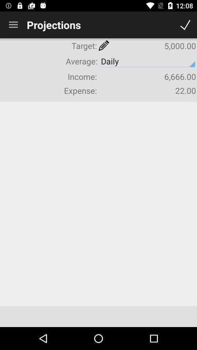  Describe the element at coordinates (185, 25) in the screenshot. I see `ready` at that location.